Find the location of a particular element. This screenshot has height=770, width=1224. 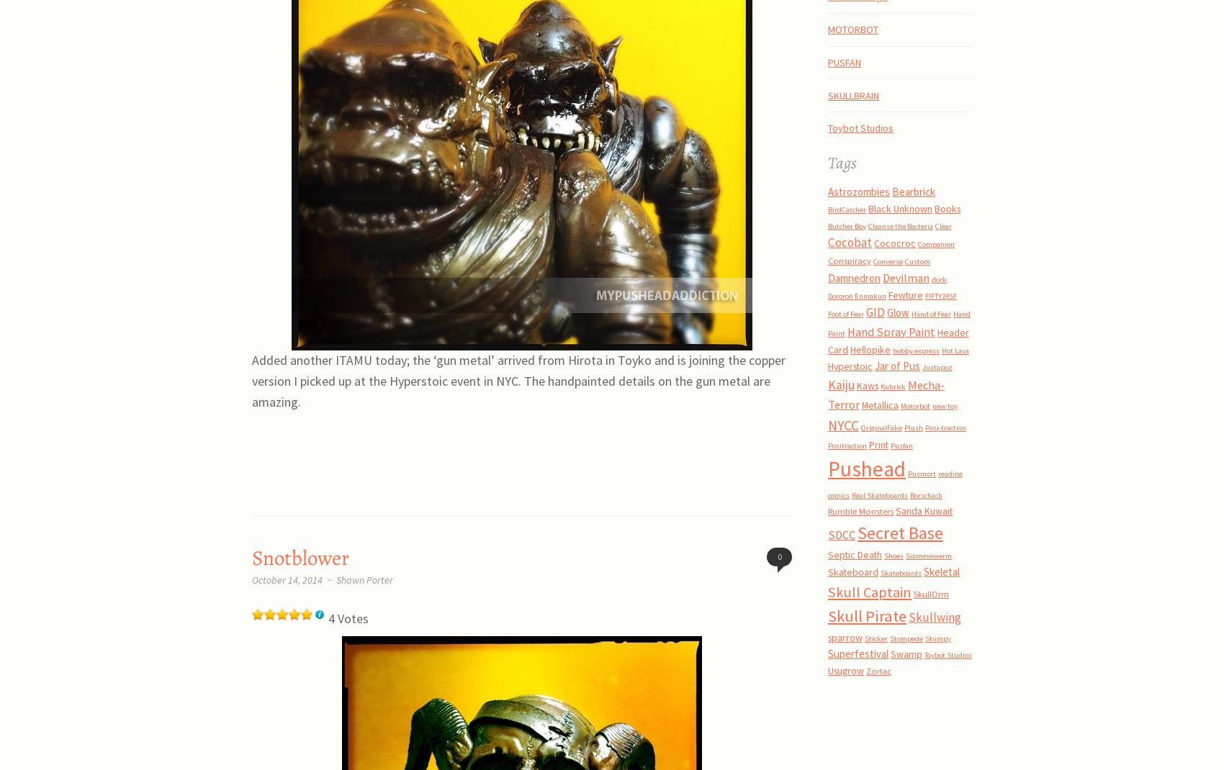

'Tags' is located at coordinates (842, 161).